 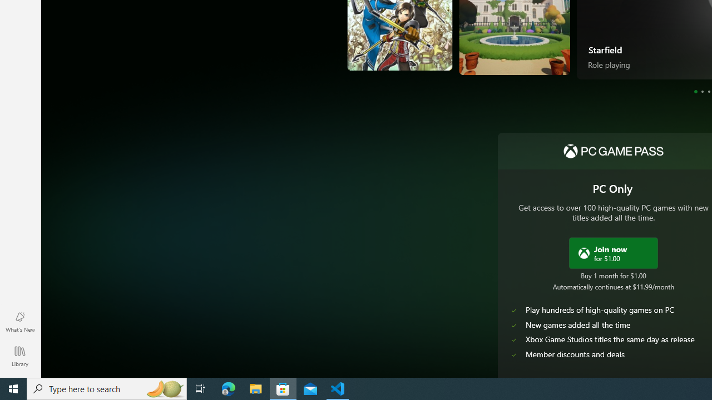 What do you see at coordinates (374, 43) in the screenshot?
I see `'Eiyuden Chronicle: Hundred Heroes'` at bounding box center [374, 43].